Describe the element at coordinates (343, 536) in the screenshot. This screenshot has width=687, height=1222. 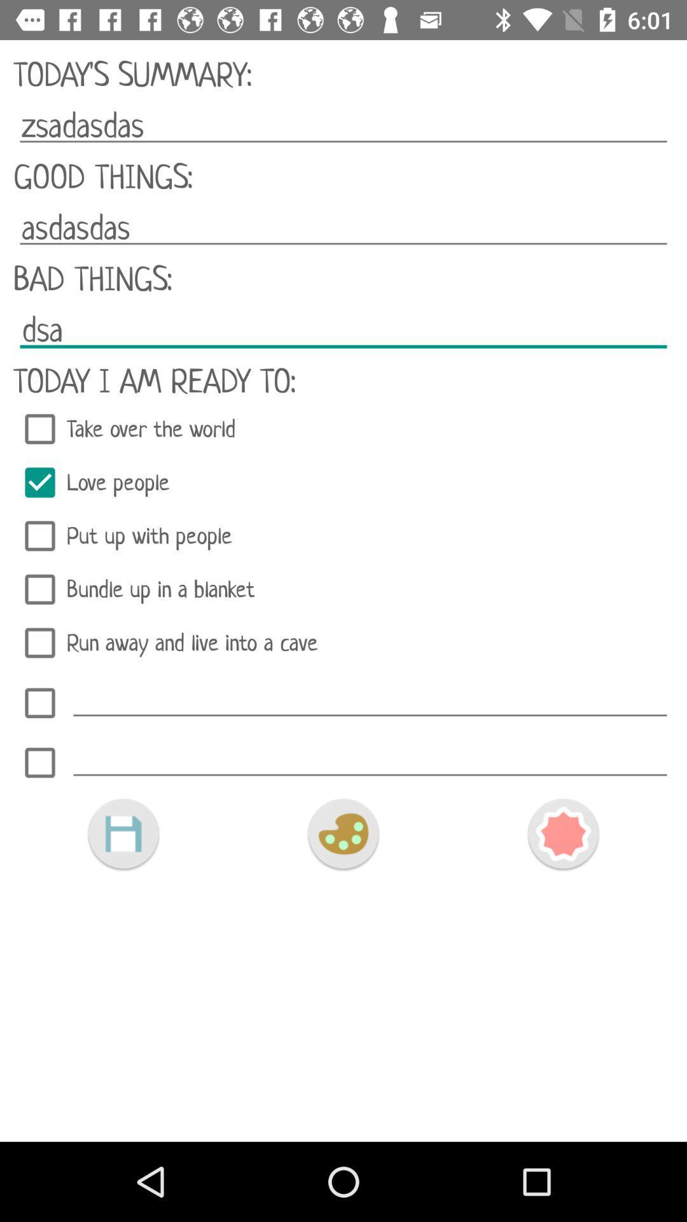
I see `put up with item` at that location.